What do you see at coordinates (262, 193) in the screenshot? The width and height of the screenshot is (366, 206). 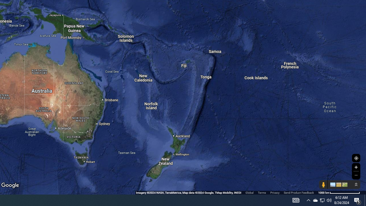 I see `'Terms'` at bounding box center [262, 193].